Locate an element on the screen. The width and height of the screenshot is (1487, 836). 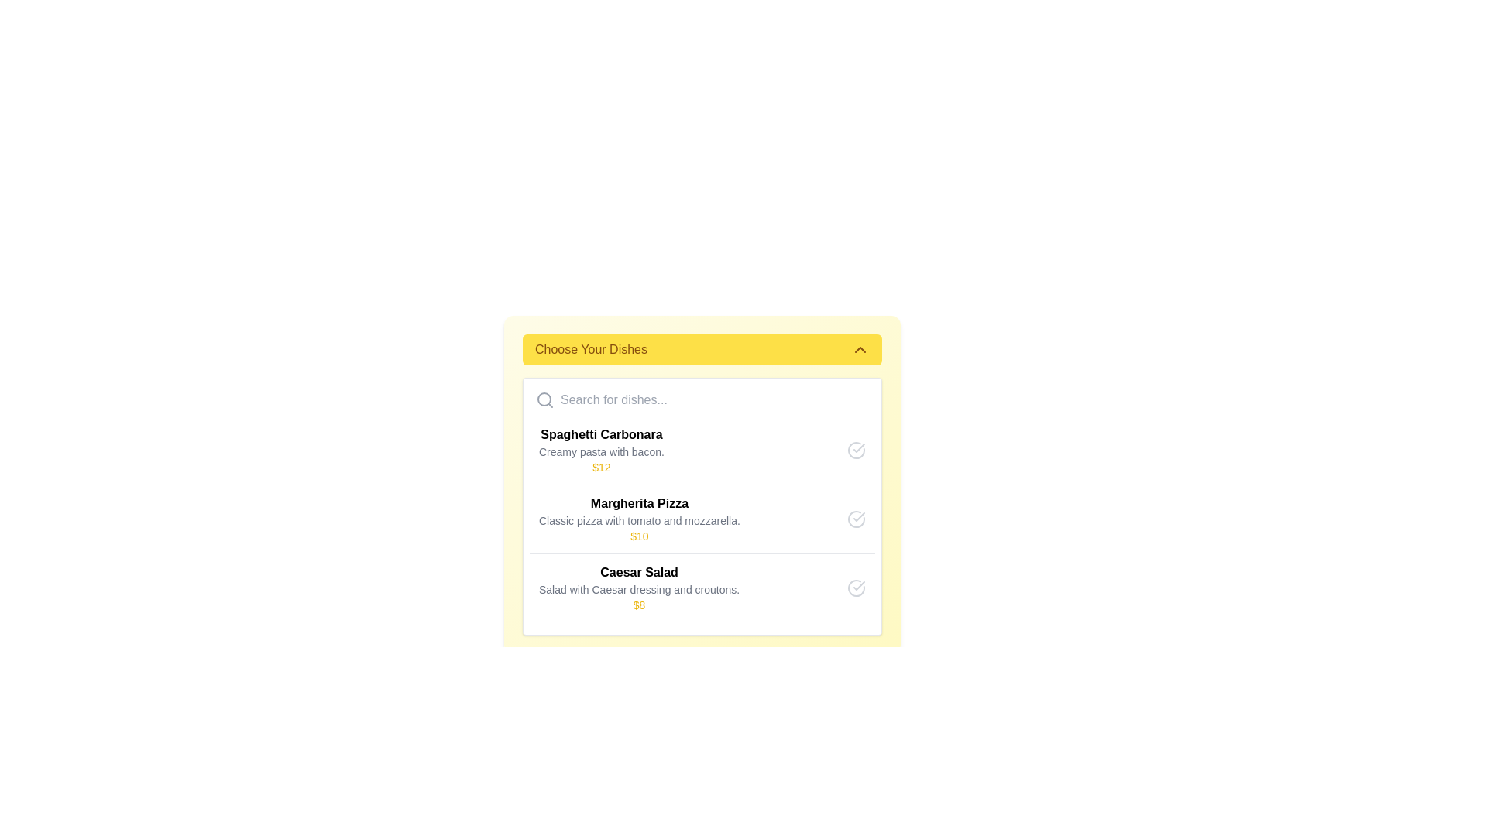
the food item titles or prices within the 'Choose Your Dishes' section, which is located below the search bar is located at coordinates (702, 506).